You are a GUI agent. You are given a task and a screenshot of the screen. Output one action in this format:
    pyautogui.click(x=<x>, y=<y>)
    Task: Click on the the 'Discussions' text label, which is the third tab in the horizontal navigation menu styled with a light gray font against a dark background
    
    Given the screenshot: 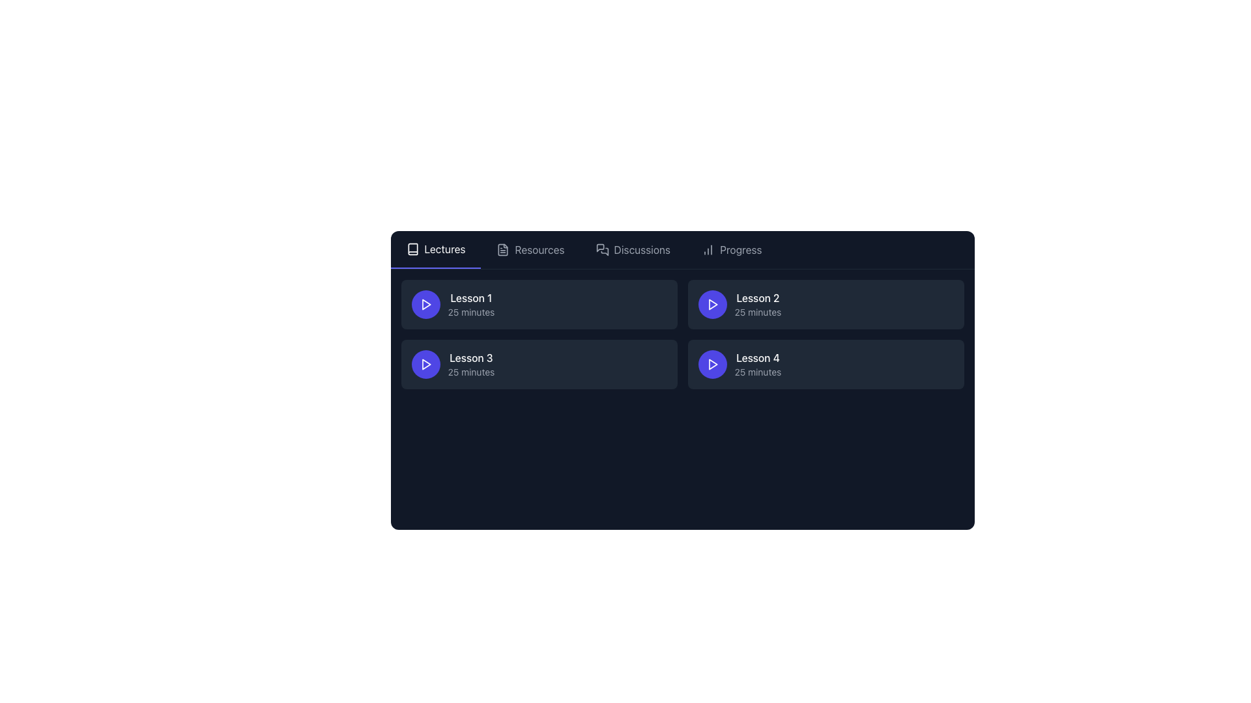 What is the action you would take?
    pyautogui.click(x=642, y=250)
    